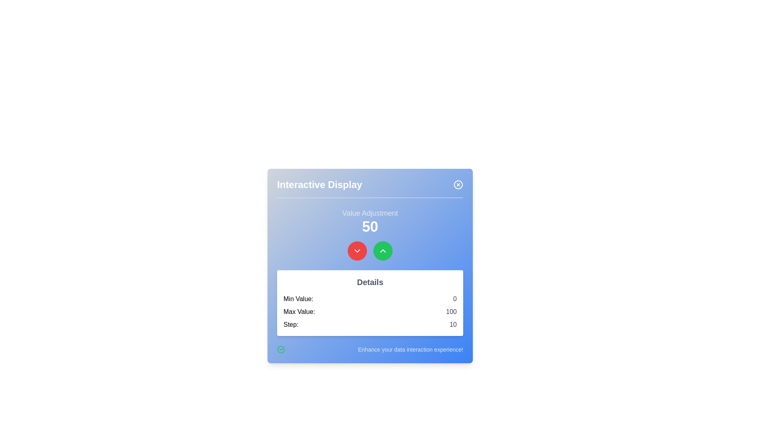 The image size is (770, 433). Describe the element at coordinates (290, 325) in the screenshot. I see `the text label displaying 'Step:' that is located within the 'Details' box, aligned to the left side and above the number '10'` at that location.